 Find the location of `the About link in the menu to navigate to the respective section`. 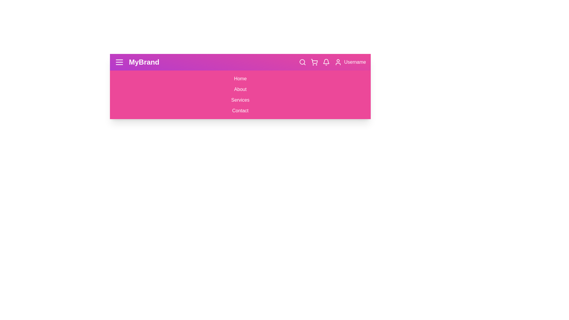

the About link in the menu to navigate to the respective section is located at coordinates (240, 89).